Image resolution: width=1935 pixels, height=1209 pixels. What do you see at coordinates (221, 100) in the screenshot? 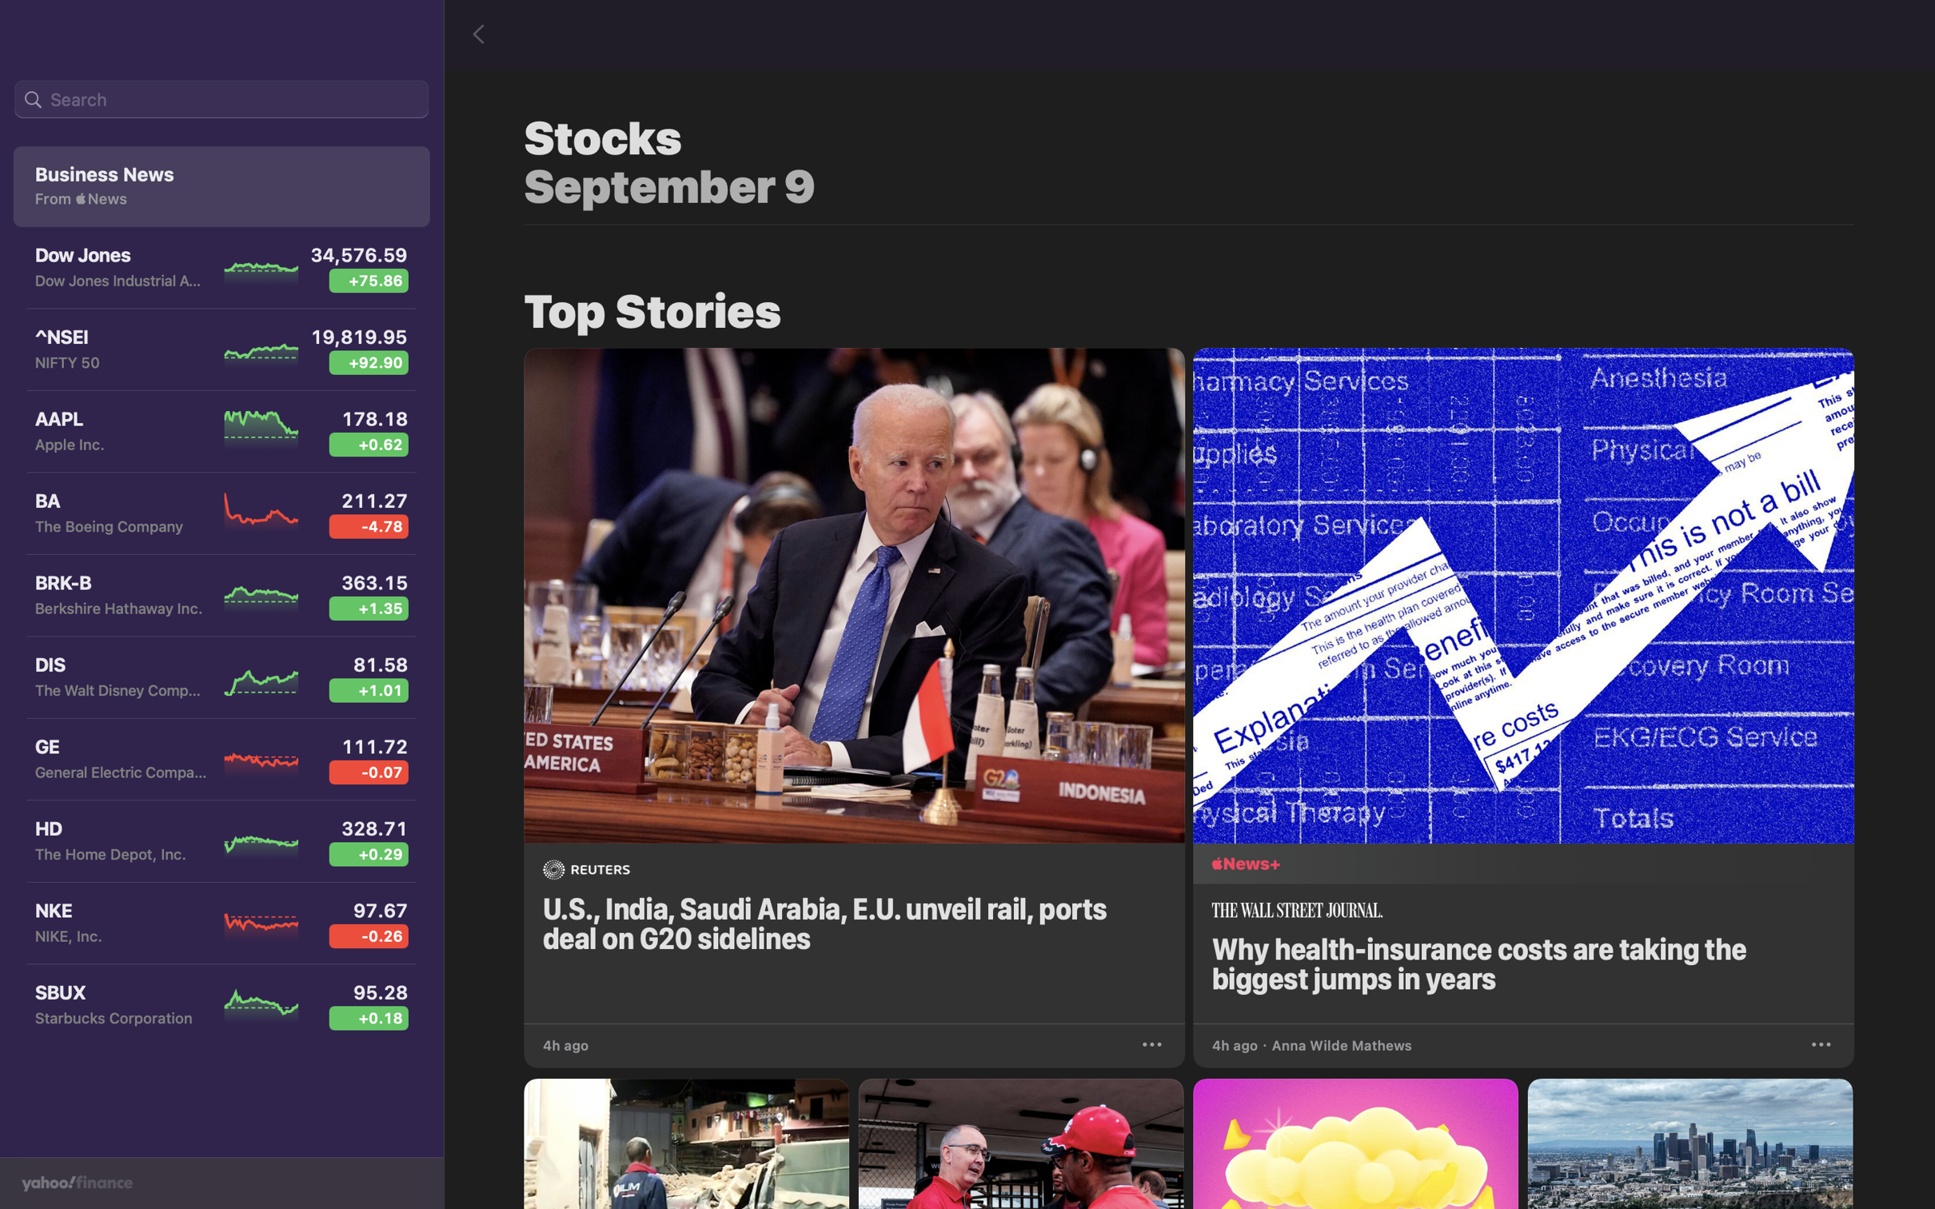
I see `Locate the "Berkshire Hathway" stock by typing its name into the search field at the top left` at bounding box center [221, 100].